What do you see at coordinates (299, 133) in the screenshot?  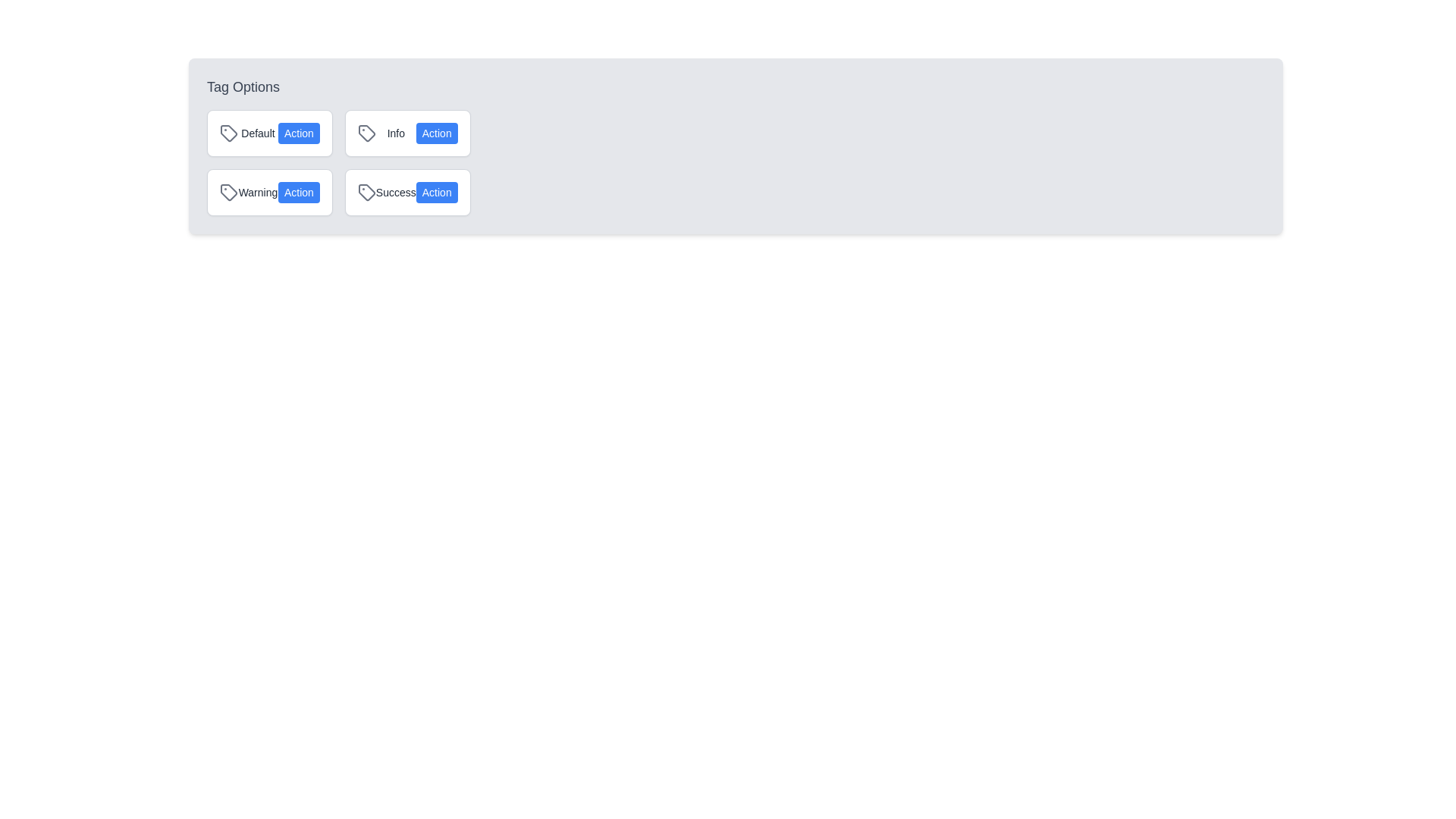 I see `the blue rectangular button labeled 'Action' with rounded corners` at bounding box center [299, 133].